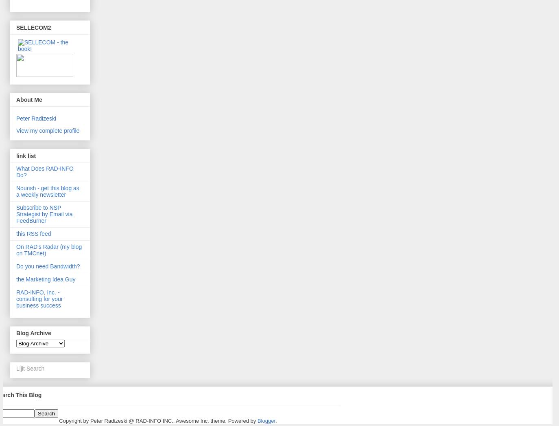  I want to click on 'Subscribe to NSP Strategist by Email via FeedBurner', so click(44, 213).